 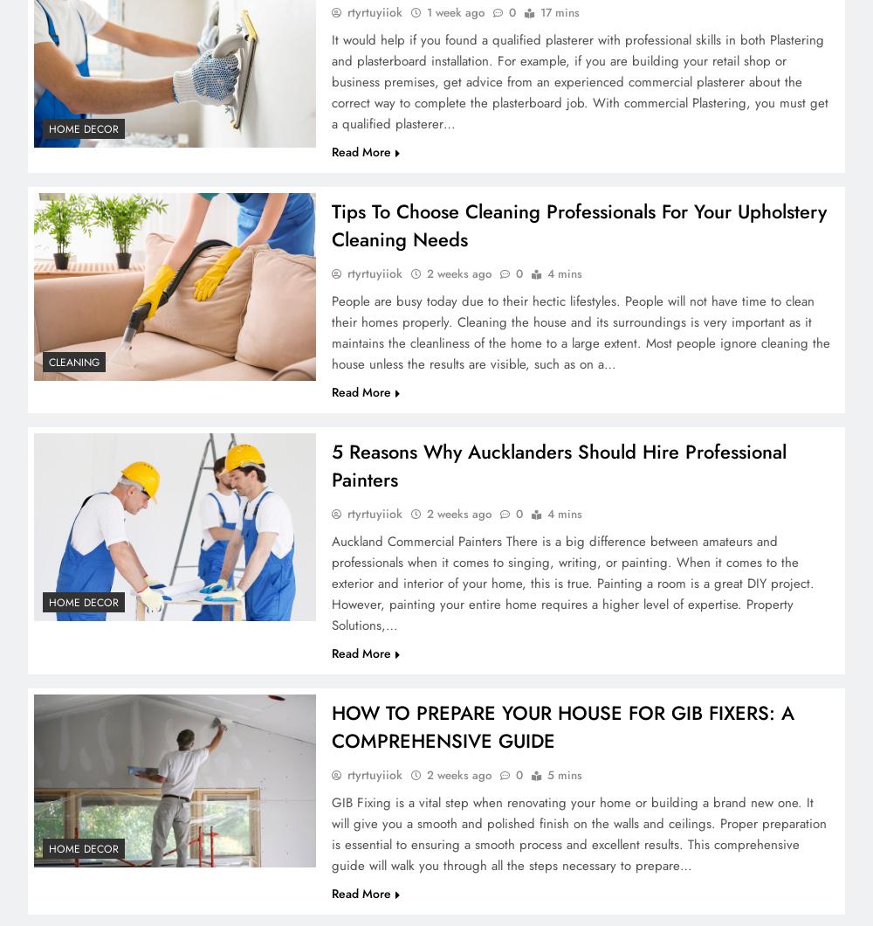 I want to click on '7 mins', so click(x=556, y=152).